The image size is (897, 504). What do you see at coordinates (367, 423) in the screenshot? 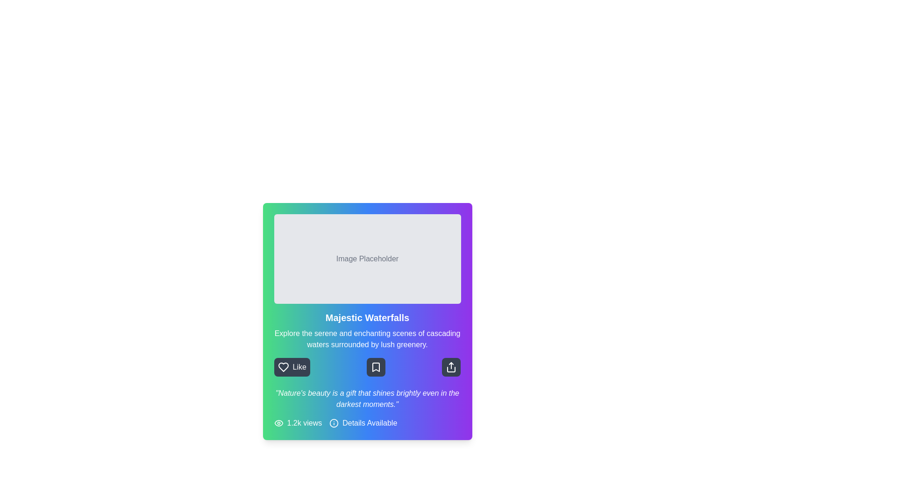
I see `the 'Details Available' icon of the Informative text located at the bottom of the card section` at bounding box center [367, 423].